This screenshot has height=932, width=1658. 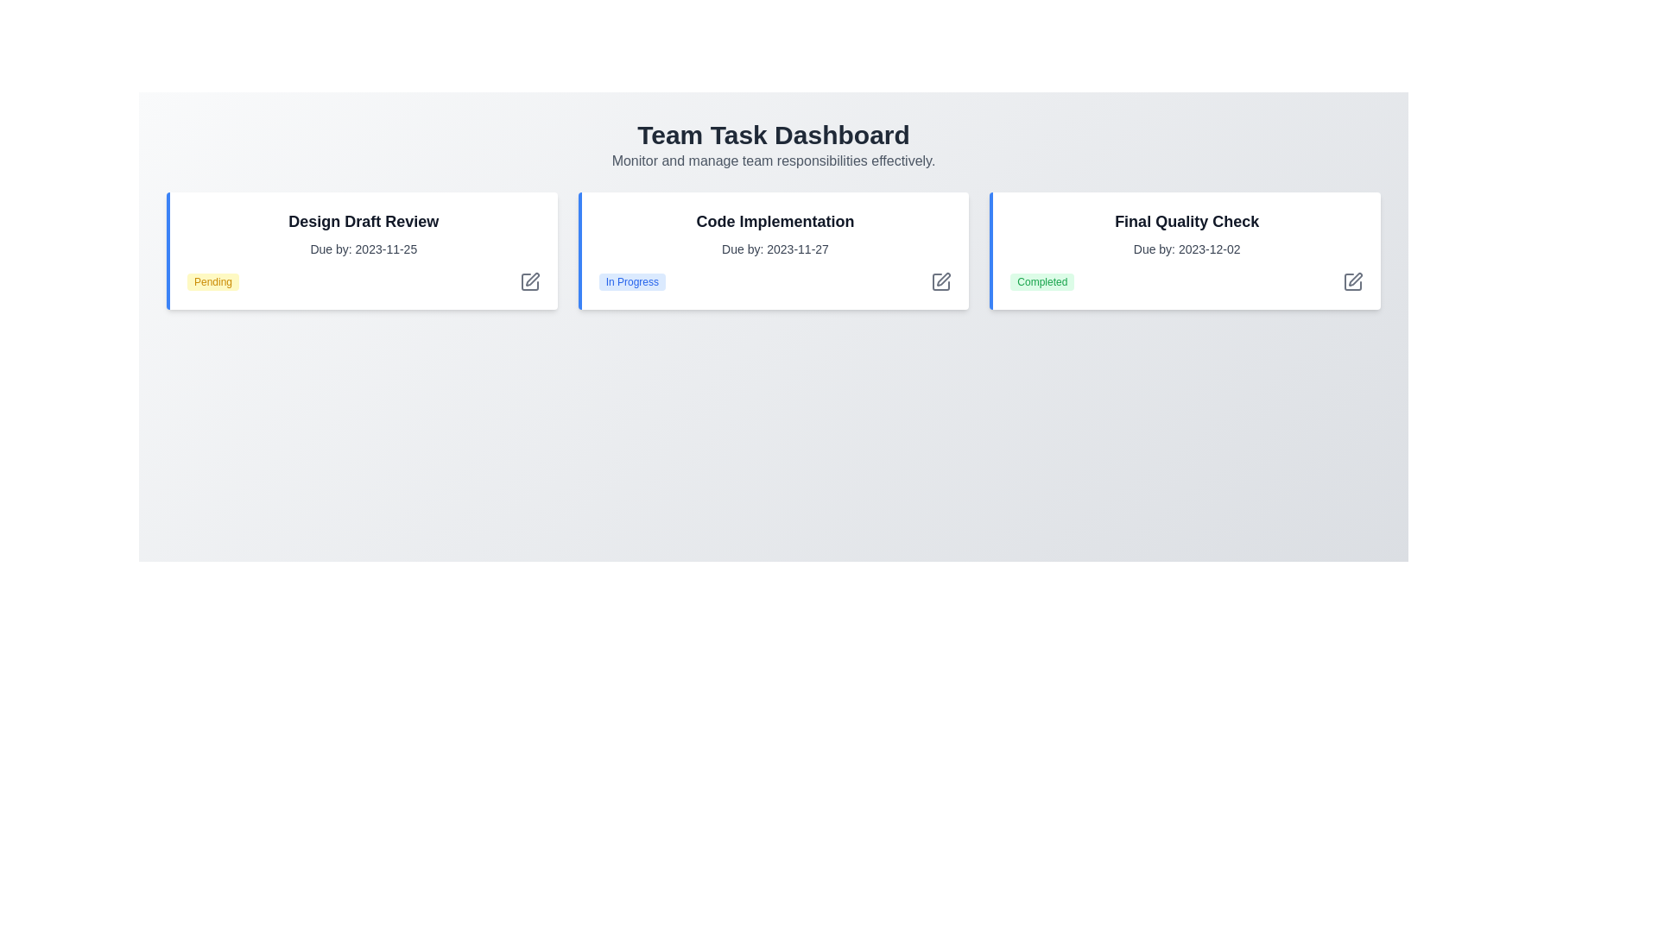 I want to click on the 'Pending' status label, which is a small rectangular badge with rounded corners and a light yellow background, located in the top-left area of the 'Design Draft Review' task card, so click(x=212, y=281).